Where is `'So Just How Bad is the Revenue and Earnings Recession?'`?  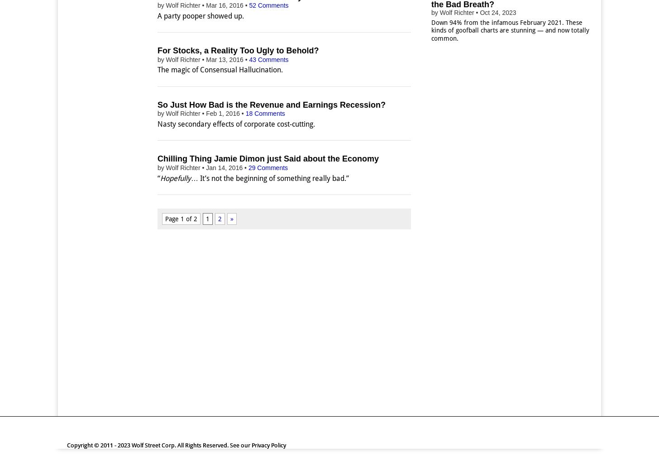
'So Just How Bad is the Revenue and Earnings Recession?' is located at coordinates (157, 104).